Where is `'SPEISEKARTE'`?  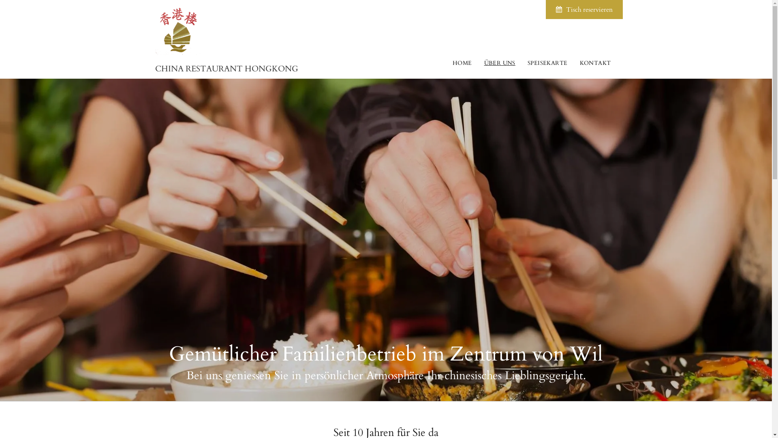 'SPEISEKARTE' is located at coordinates (547, 62).